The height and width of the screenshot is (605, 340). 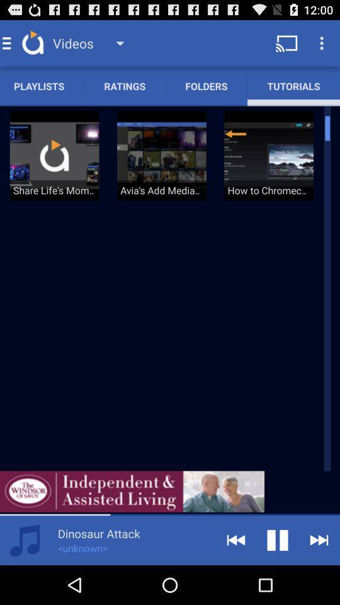 What do you see at coordinates (25, 578) in the screenshot?
I see `the music icon` at bounding box center [25, 578].